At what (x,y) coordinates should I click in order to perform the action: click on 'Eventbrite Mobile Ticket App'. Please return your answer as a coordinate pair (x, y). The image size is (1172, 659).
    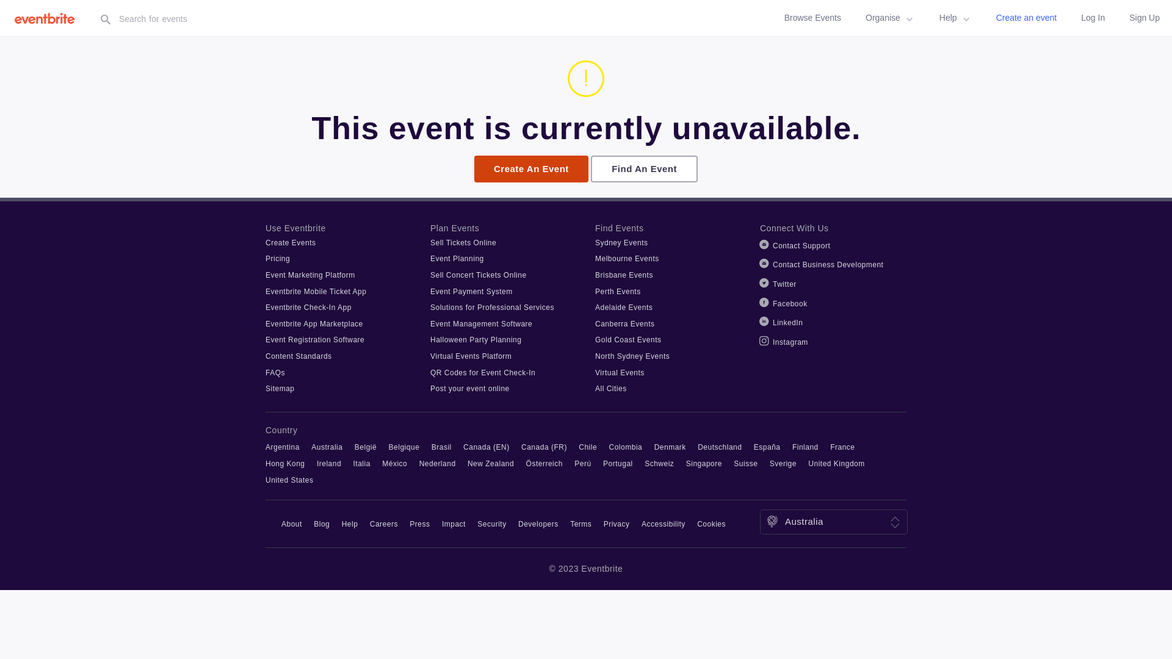
    Looking at the image, I should click on (316, 292).